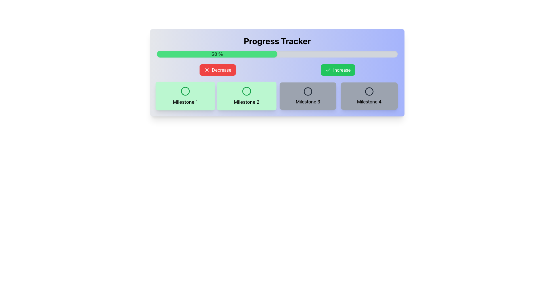  Describe the element at coordinates (185, 91) in the screenshot. I see `the circular icon with a green stroke located at the center of the 'Milestone 1' module, positioned above the text 'Milestone 1'` at that location.